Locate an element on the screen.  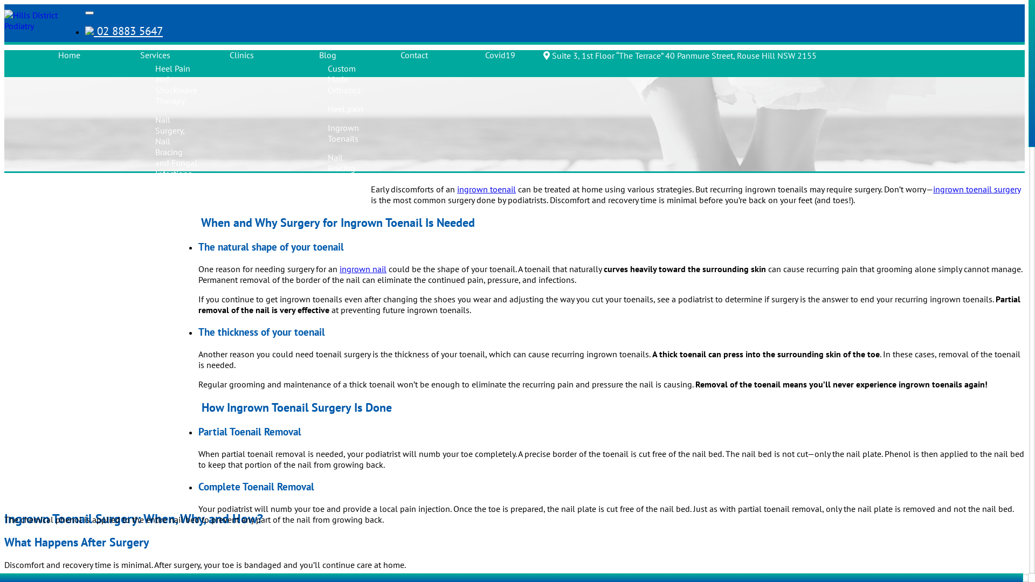
'Plantar Wart Surgeries' is located at coordinates (155, 477).